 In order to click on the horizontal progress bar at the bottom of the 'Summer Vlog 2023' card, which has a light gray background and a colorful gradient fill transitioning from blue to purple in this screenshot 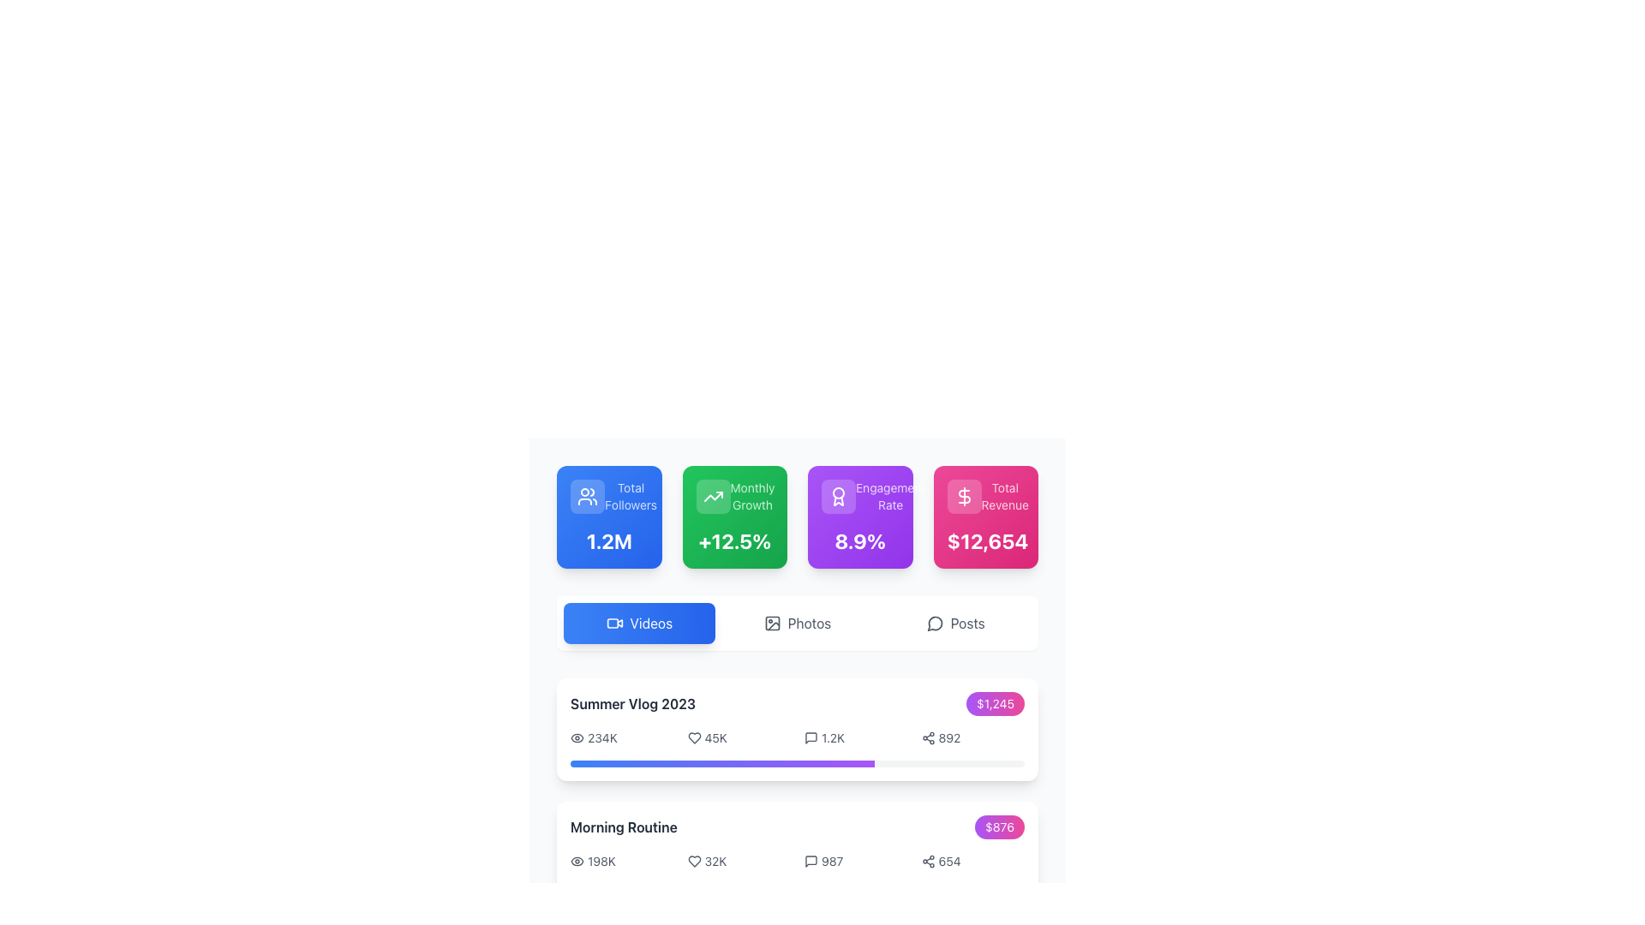, I will do `click(797, 762)`.